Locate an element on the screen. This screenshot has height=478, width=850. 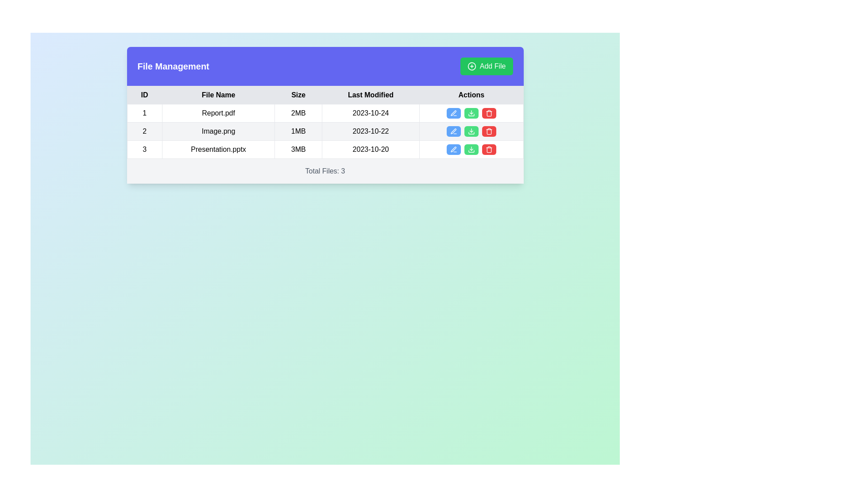
the circular graphic component of the 'Add File' button located at the top-right corner of the interface is located at coordinates (471, 66).